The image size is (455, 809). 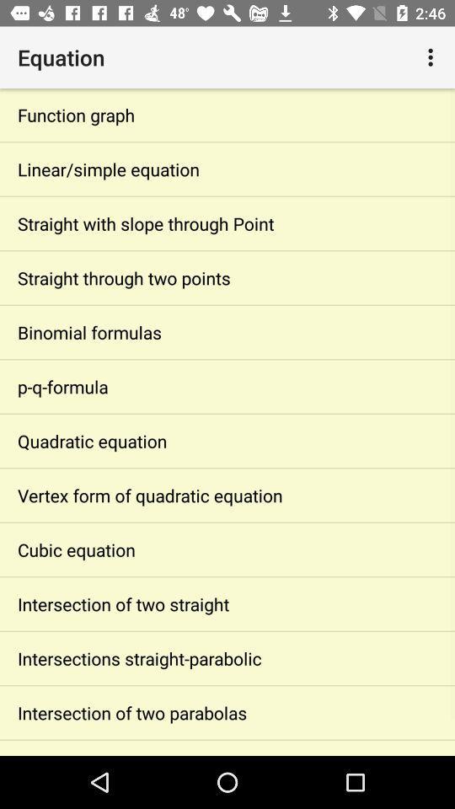 I want to click on binomial formulas app, so click(x=227, y=331).